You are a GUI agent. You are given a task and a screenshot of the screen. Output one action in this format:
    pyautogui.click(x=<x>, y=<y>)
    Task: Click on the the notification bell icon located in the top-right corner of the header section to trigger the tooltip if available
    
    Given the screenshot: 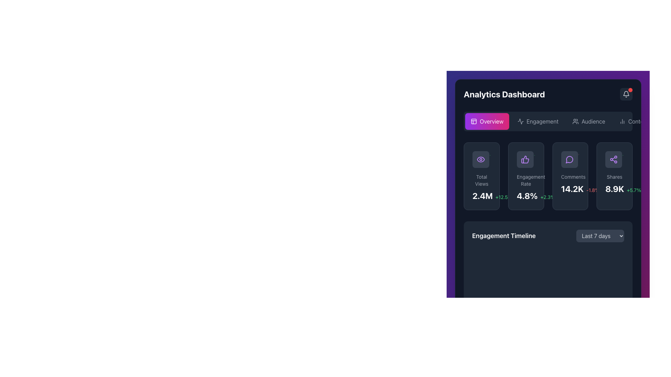 What is the action you would take?
    pyautogui.click(x=626, y=94)
    